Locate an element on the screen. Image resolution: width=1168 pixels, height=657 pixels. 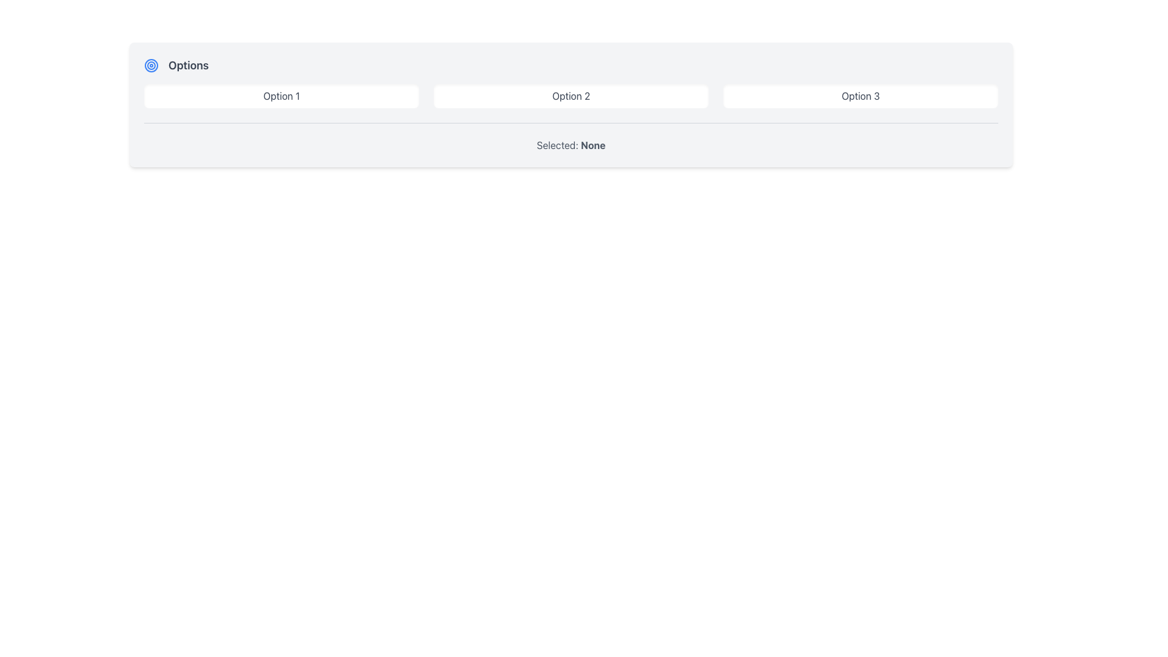
the first button-like option selector labeled 'Option 1' in the row of selectable options is located at coordinates (280, 96).